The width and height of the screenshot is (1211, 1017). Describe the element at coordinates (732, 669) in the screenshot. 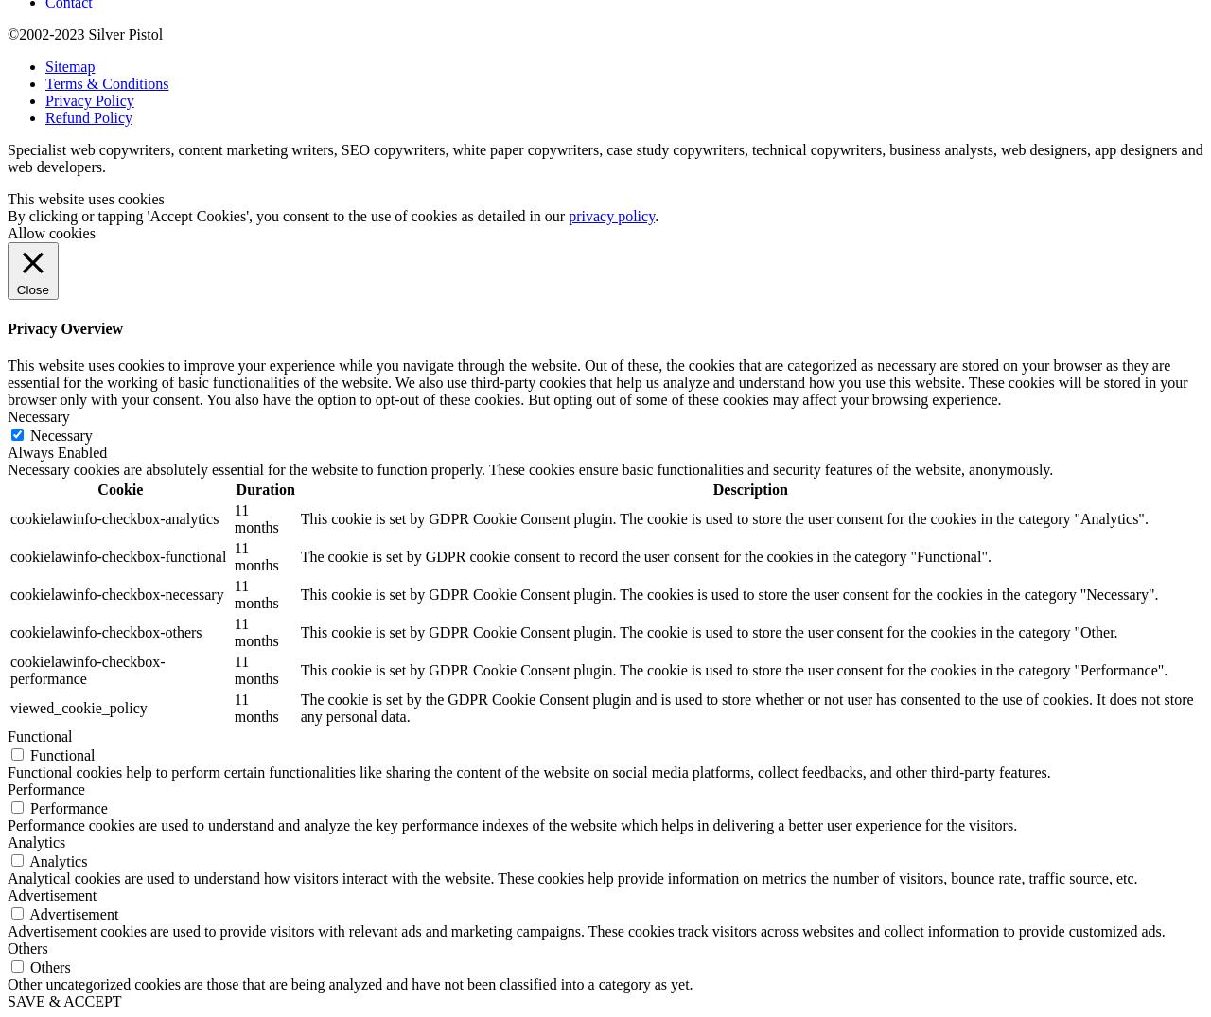

I see `'This cookie is set by GDPR Cookie Consent plugin. The cookie is used to store the user consent for the cookies in the category "Performance".'` at that location.